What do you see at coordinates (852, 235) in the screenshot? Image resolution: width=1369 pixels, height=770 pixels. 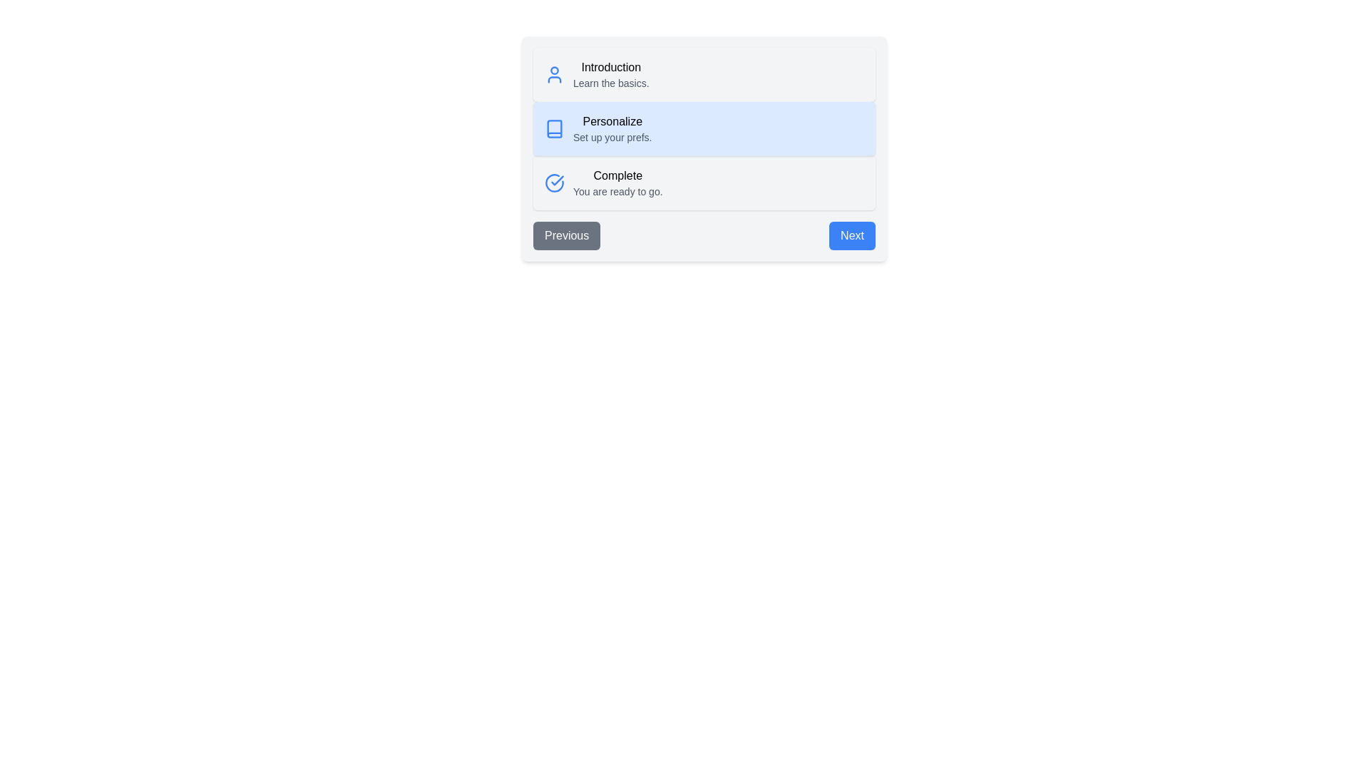 I see `the Next button to navigate the steps` at bounding box center [852, 235].